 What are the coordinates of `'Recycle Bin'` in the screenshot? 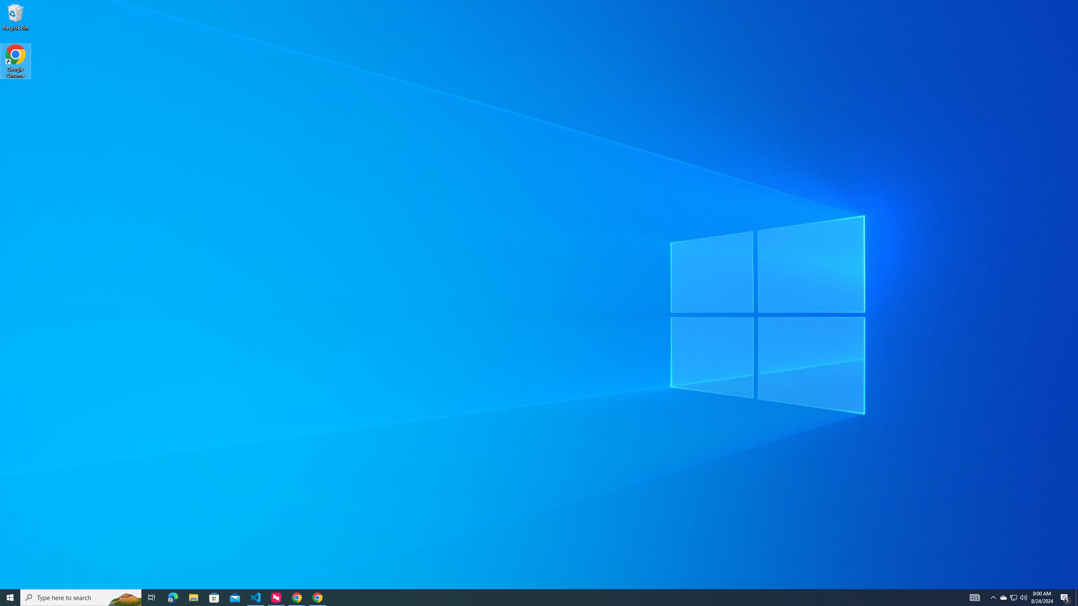 It's located at (15, 16).